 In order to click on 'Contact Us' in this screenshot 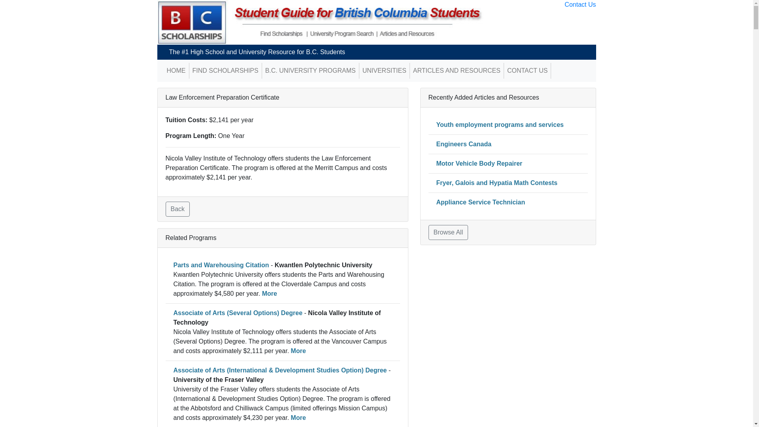, I will do `click(580, 4)`.